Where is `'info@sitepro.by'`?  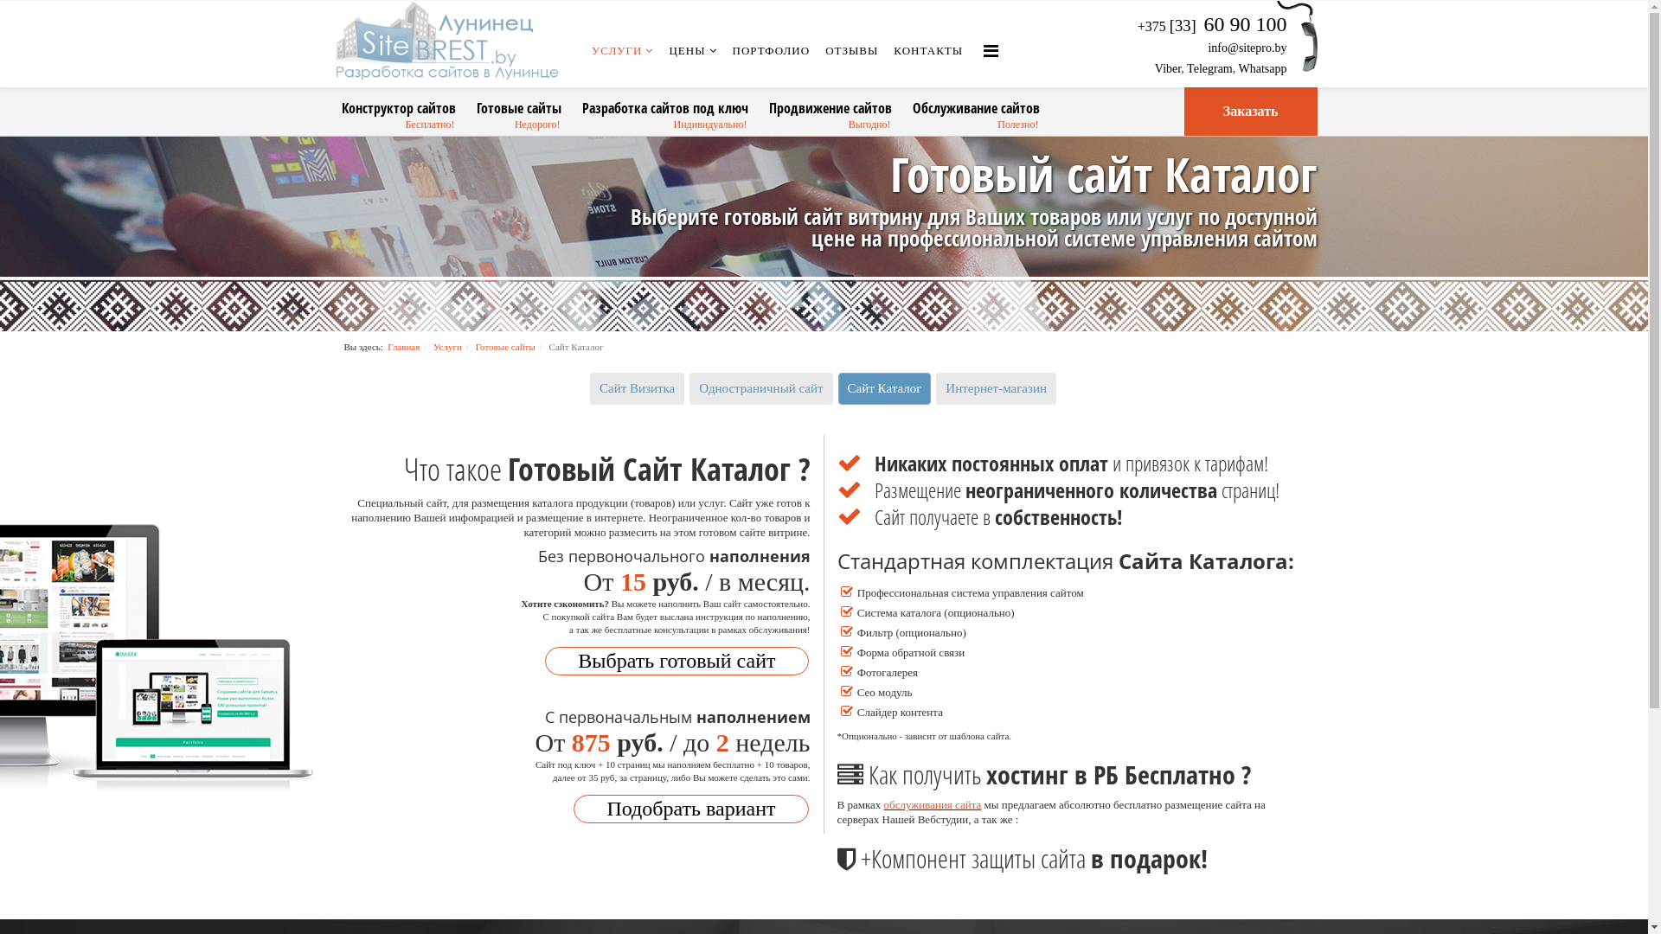
'info@sitepro.by' is located at coordinates (1207, 47).